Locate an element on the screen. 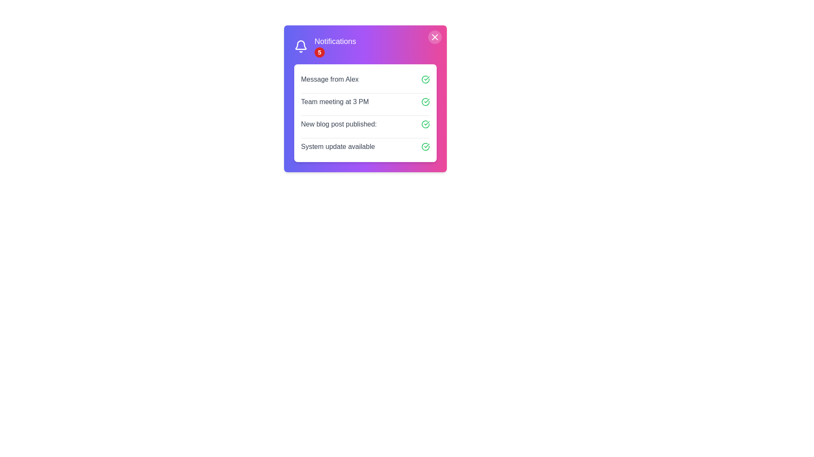 This screenshot has width=814, height=457. the green circular icon with a checkmark located at the right end of the entry row labeled 'New blog post published:' in the notification panel is located at coordinates (425, 124).